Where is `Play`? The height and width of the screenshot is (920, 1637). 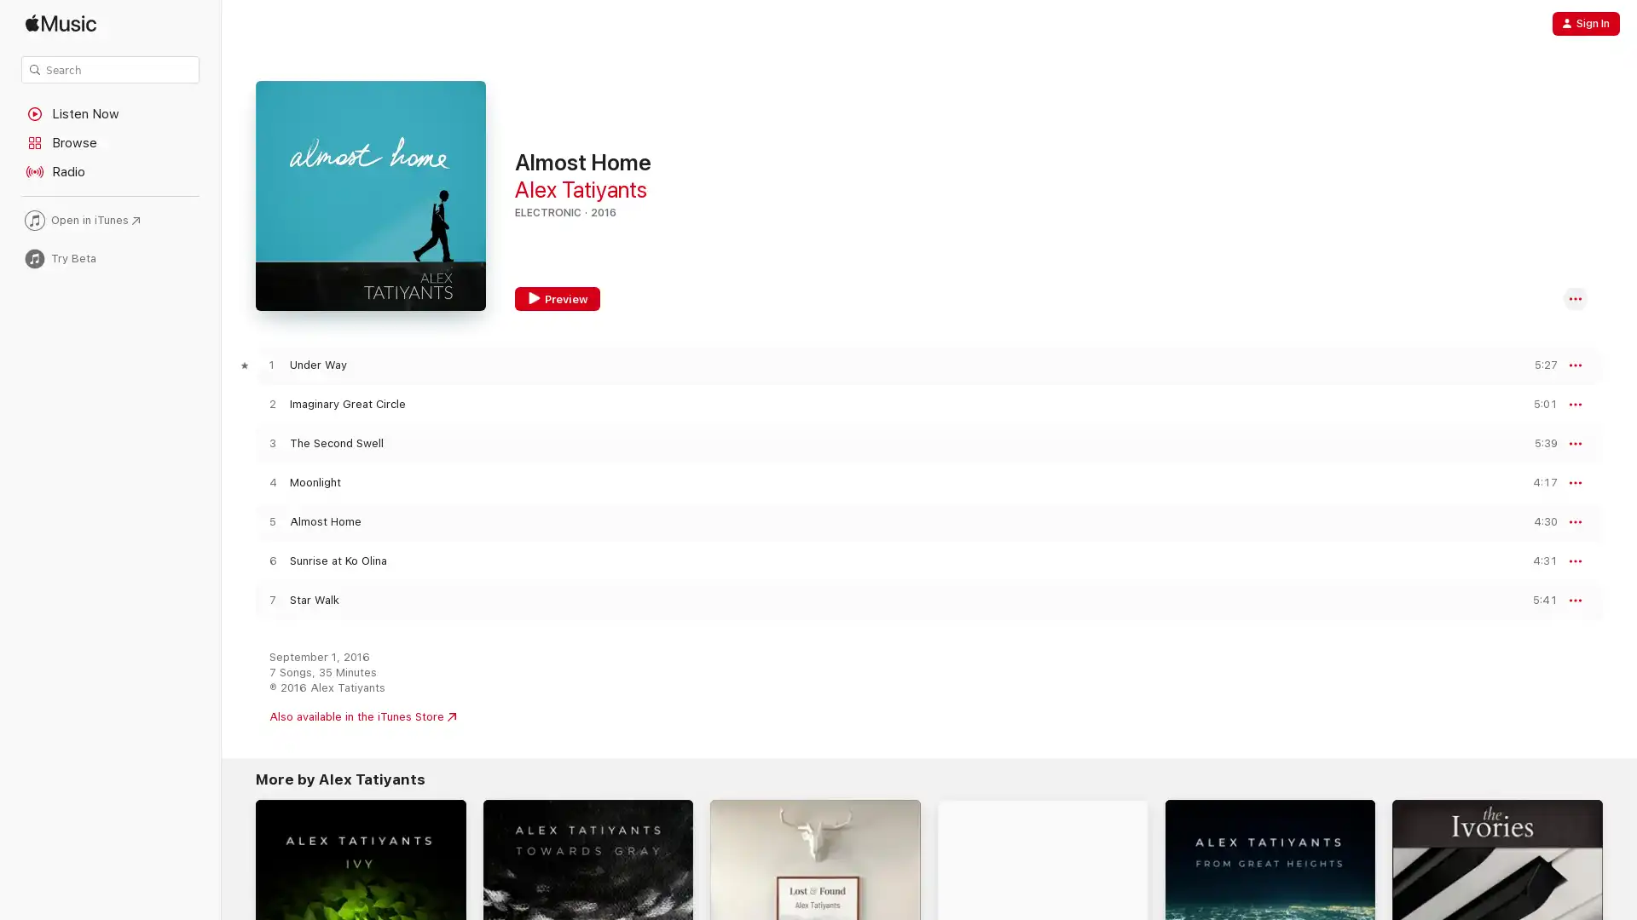 Play is located at coordinates (271, 599).